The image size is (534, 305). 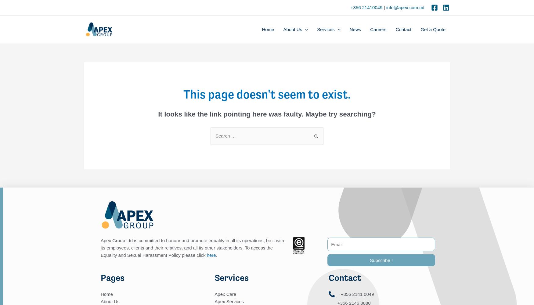 I want to click on 'Apex Group Ltd is committed to honour and promote equality in all its operations, be it with its employees, clients and their relatives, and all its other stakeholders. To access the Equality and Sexual Harassment Policy please click', so click(x=192, y=247).